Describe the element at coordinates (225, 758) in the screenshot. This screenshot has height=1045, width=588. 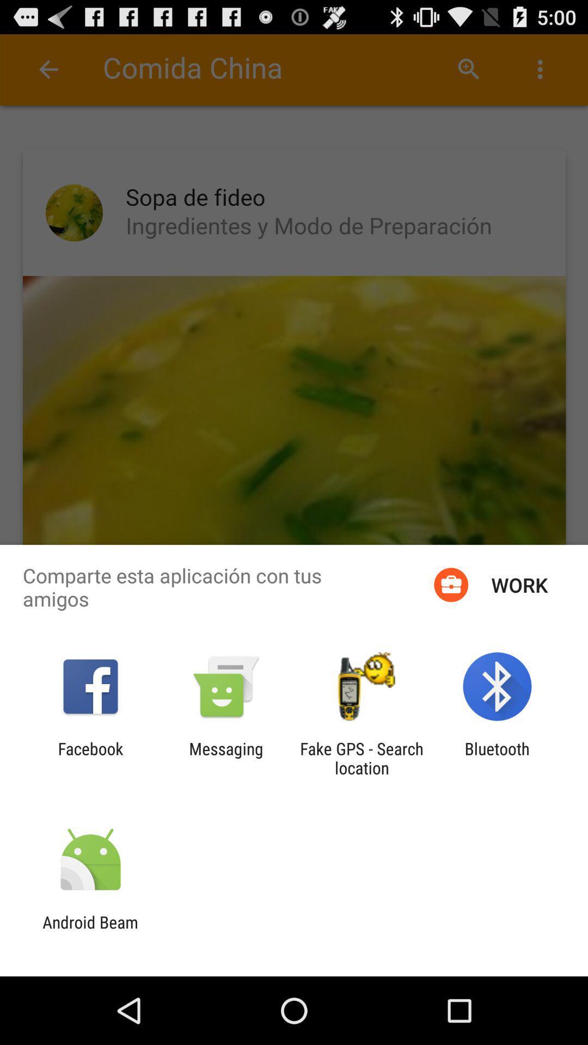
I see `item next to the facebook` at that location.